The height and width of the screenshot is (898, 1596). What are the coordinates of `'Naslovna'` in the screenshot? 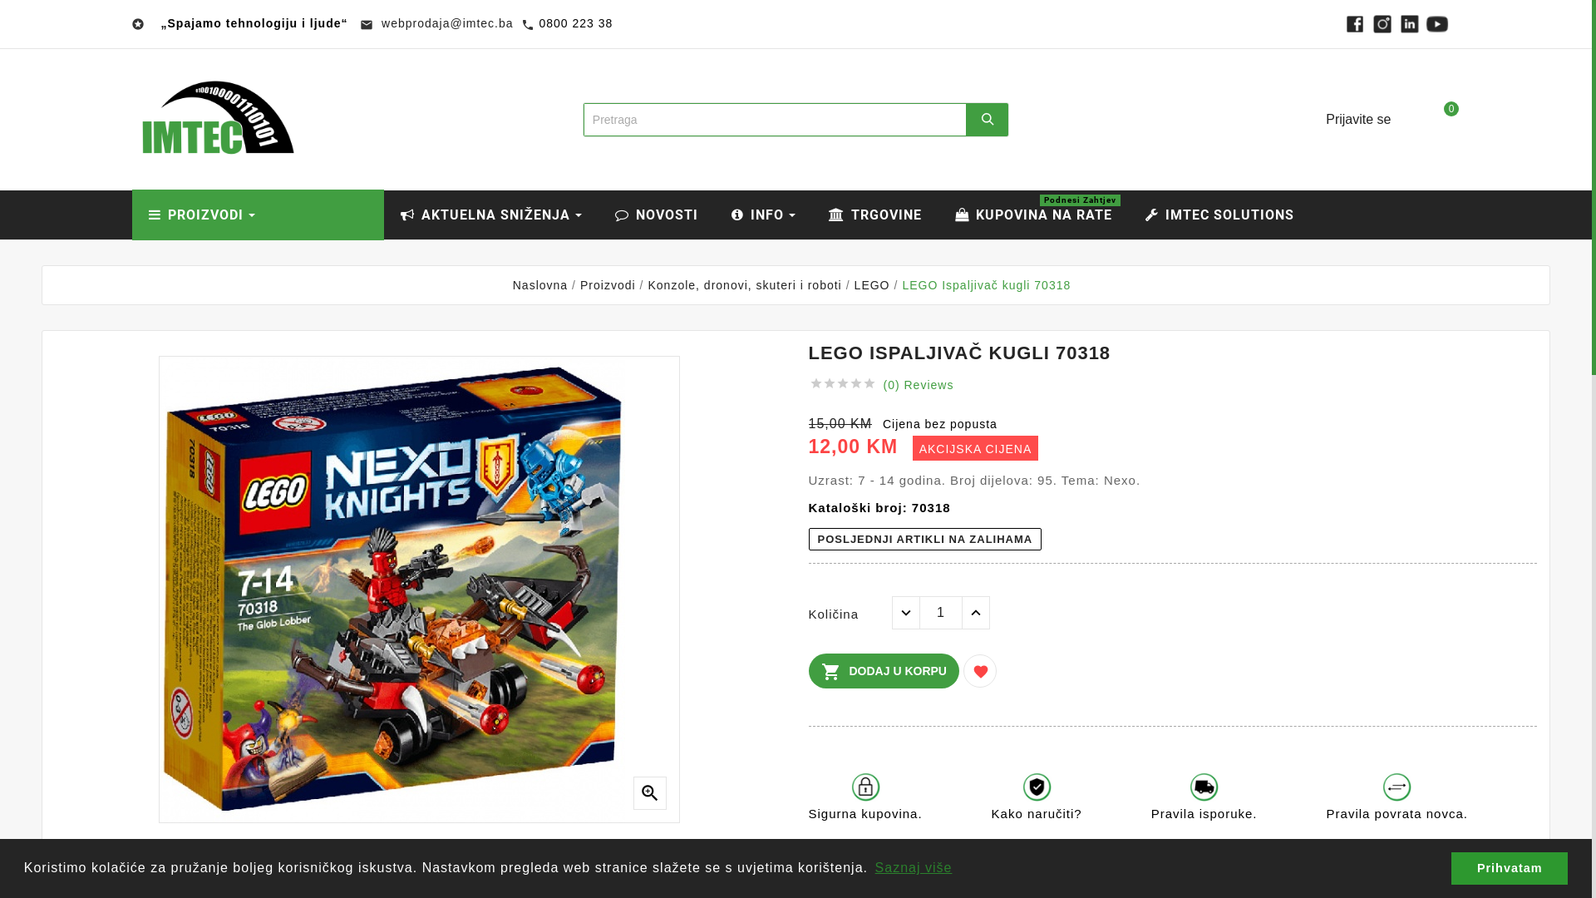 It's located at (539, 284).